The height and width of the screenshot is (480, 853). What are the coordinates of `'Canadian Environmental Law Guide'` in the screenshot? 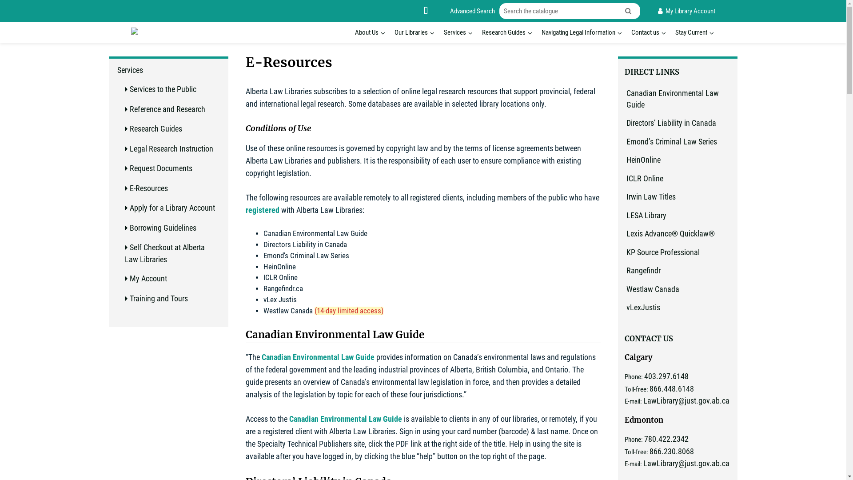 It's located at (318, 357).